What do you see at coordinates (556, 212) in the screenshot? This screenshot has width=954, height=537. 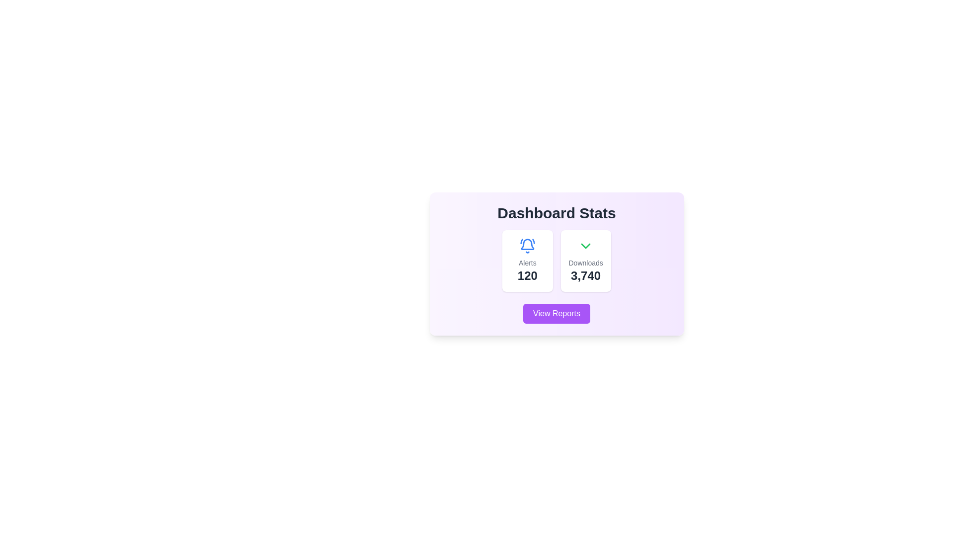 I see `the 'Dashboard Stats' text label, which is displayed in a large, bold sans-serif font at the center top of a rectangular card layout, using a dark gray color against a light purple gradient background` at bounding box center [556, 212].